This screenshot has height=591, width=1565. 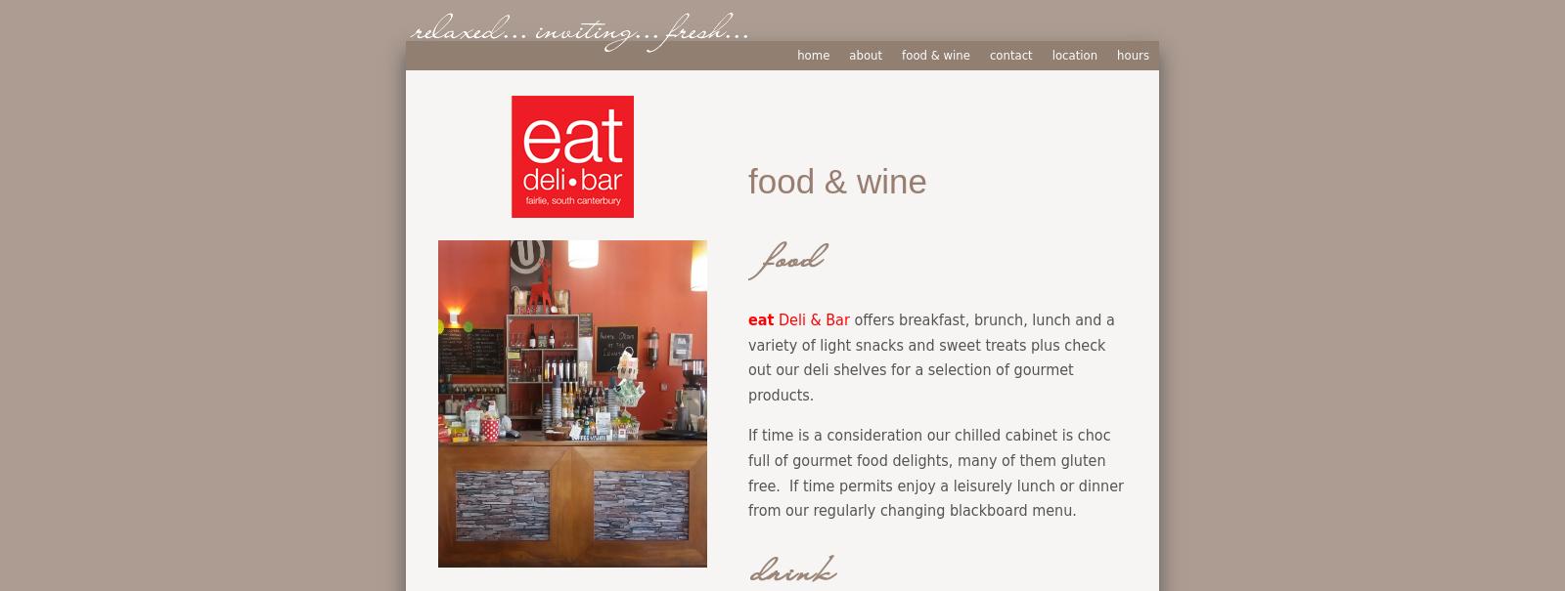 What do you see at coordinates (810, 317) in the screenshot?
I see `'Deli & Bar'` at bounding box center [810, 317].